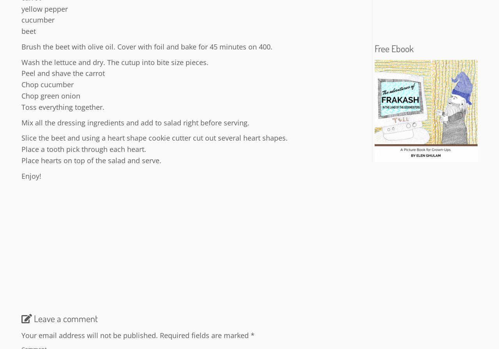 This screenshot has height=349, width=499. Describe the element at coordinates (252, 335) in the screenshot. I see `'*'` at that location.